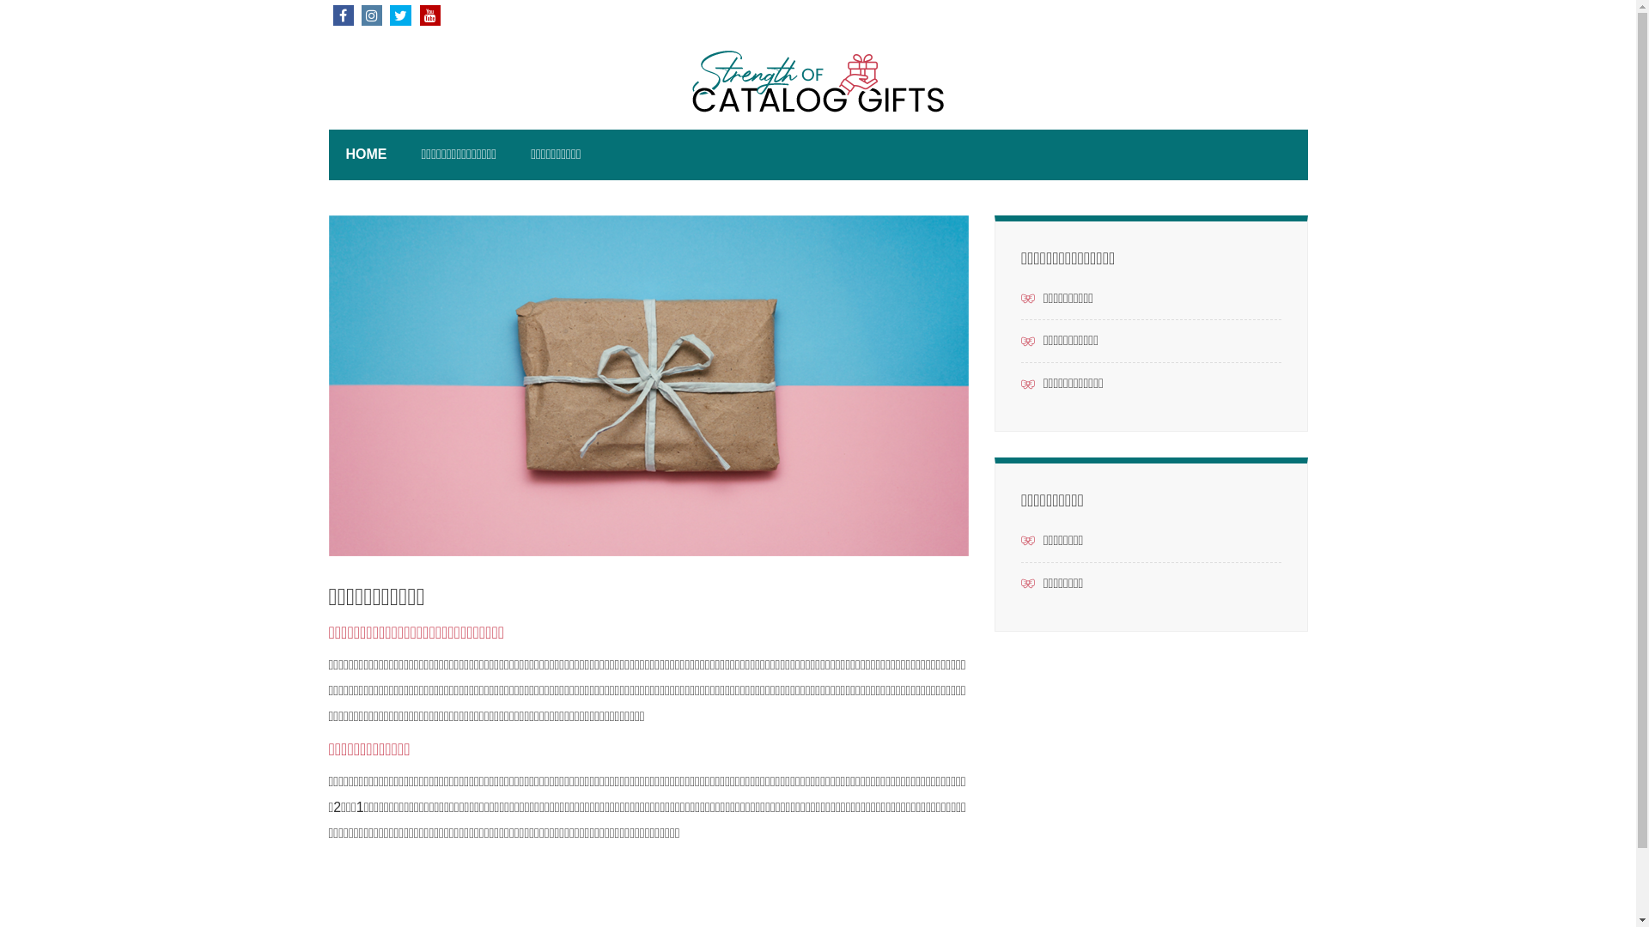 The width and height of the screenshot is (1649, 927). What do you see at coordinates (370, 15) in the screenshot?
I see `'INSTAGRAM'` at bounding box center [370, 15].